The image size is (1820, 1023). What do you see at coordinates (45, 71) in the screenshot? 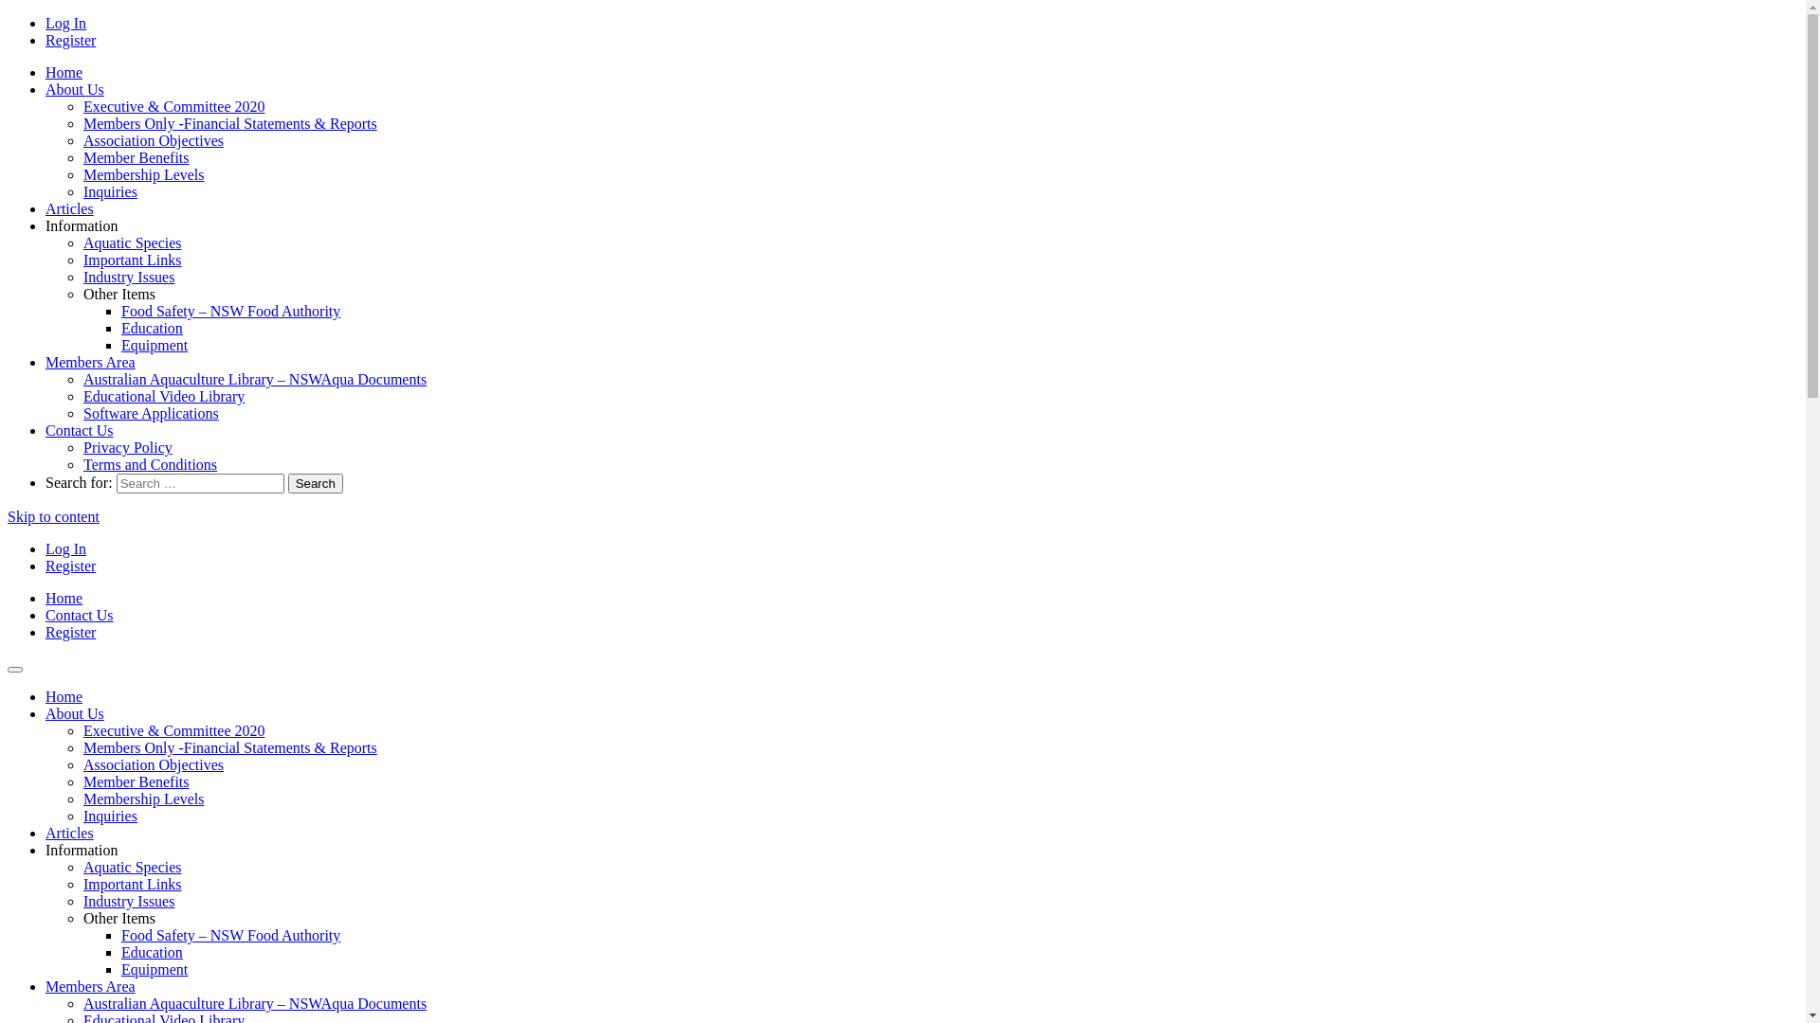
I see `'Home'` at bounding box center [45, 71].